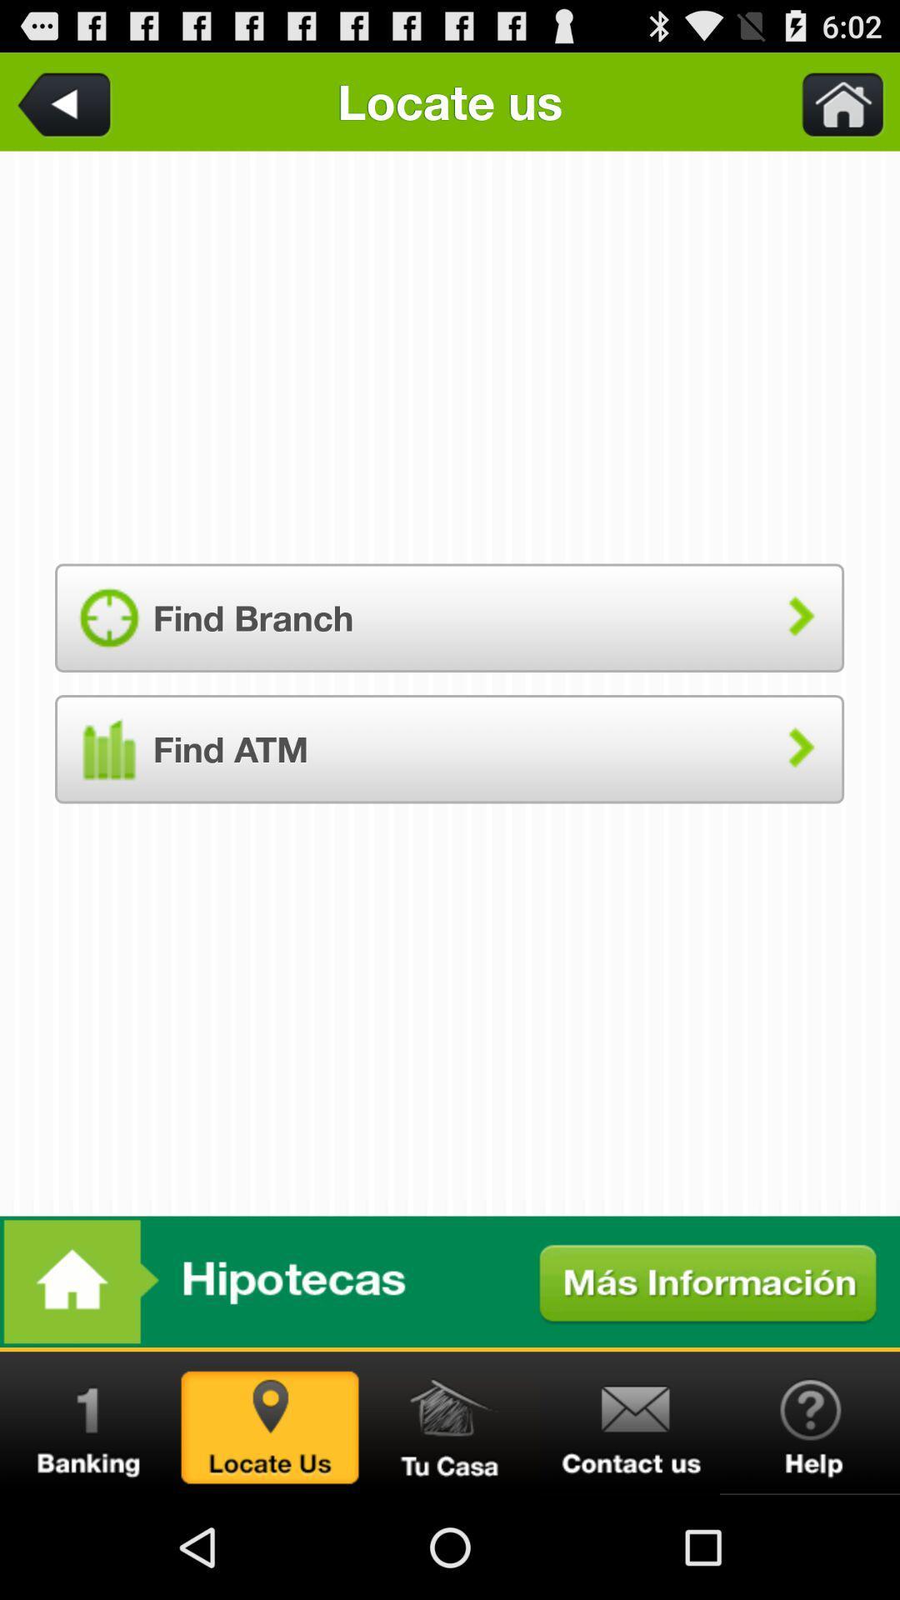 Image resolution: width=900 pixels, height=1600 pixels. I want to click on go home, so click(832, 101).